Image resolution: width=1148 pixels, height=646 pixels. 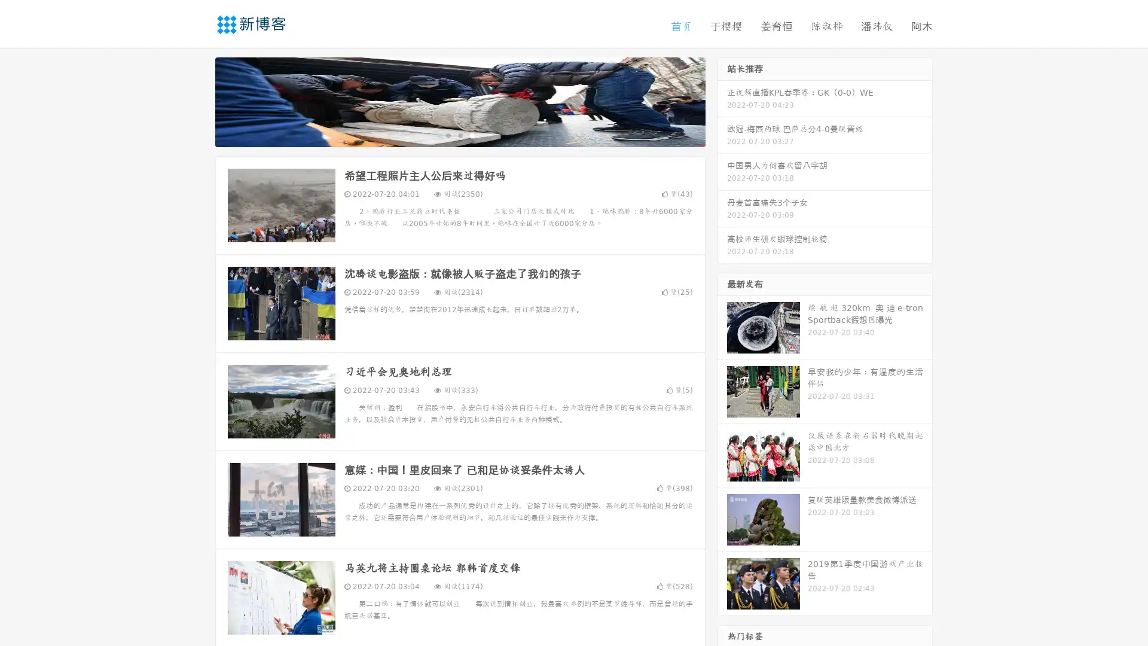 What do you see at coordinates (197, 100) in the screenshot?
I see `Previous slide` at bounding box center [197, 100].